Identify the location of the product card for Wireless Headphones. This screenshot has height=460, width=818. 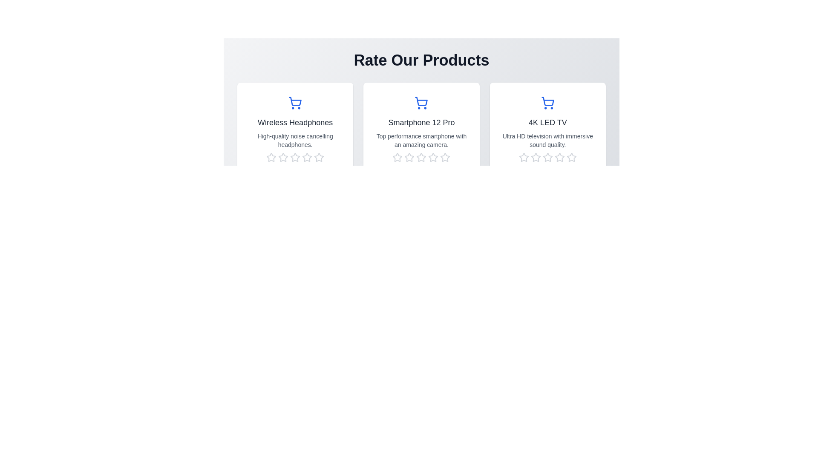
(295, 133).